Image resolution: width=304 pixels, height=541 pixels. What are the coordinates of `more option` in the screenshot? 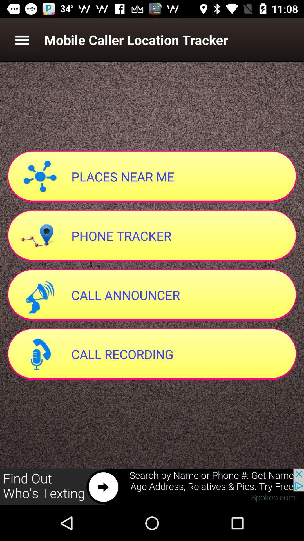 It's located at (22, 39).